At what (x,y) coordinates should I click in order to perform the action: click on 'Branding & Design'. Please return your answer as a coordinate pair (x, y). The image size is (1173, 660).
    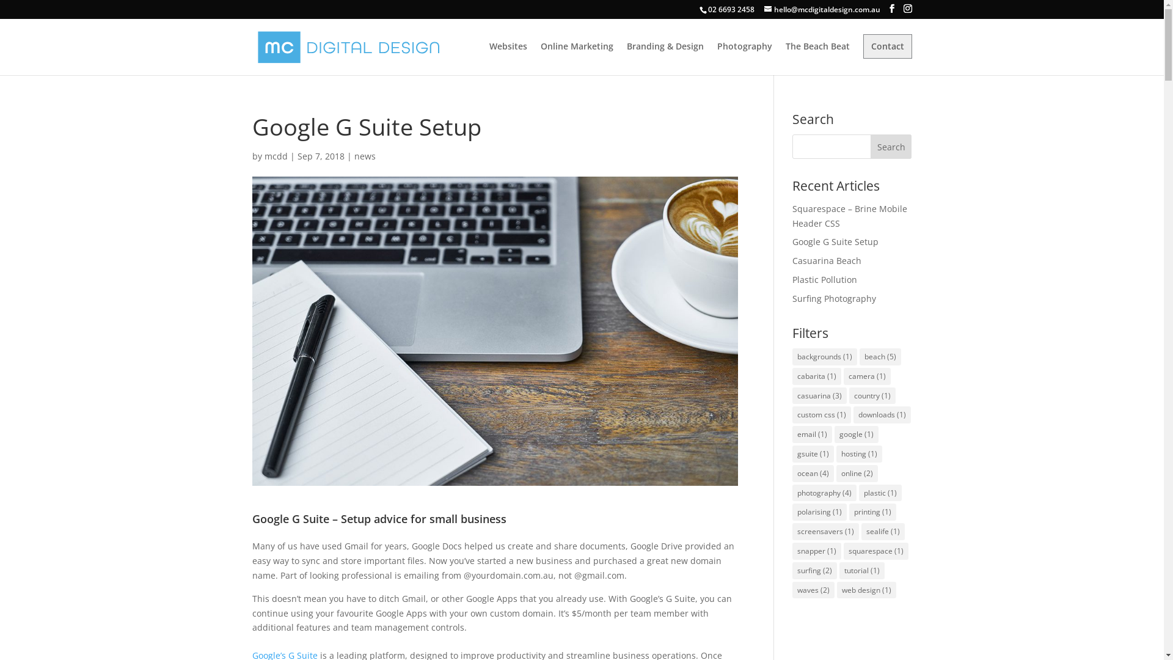
    Looking at the image, I should click on (665, 59).